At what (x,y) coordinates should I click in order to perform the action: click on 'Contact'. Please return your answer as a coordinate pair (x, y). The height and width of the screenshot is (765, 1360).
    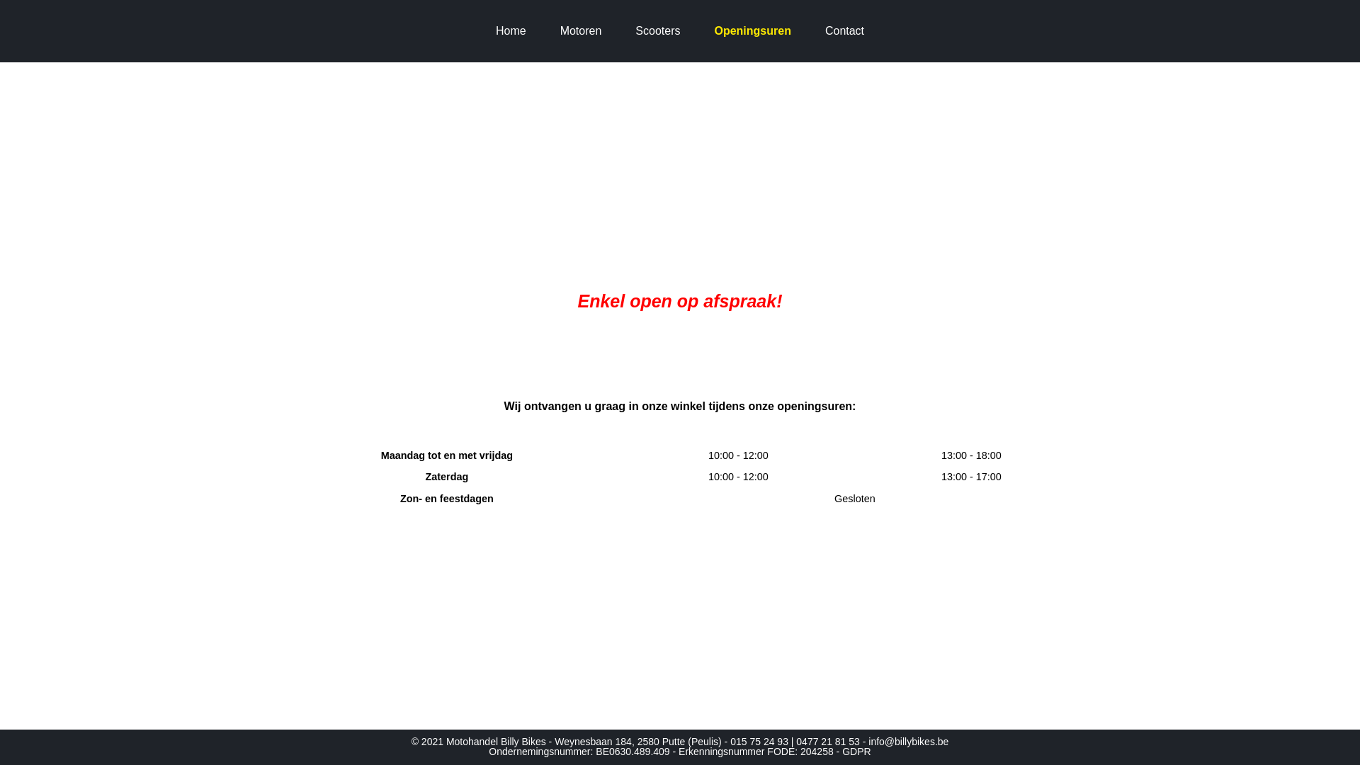
    Looking at the image, I should click on (844, 30).